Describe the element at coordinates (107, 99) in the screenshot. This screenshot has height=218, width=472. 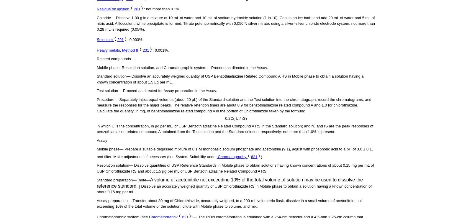
I see `'Procedure—'` at that location.